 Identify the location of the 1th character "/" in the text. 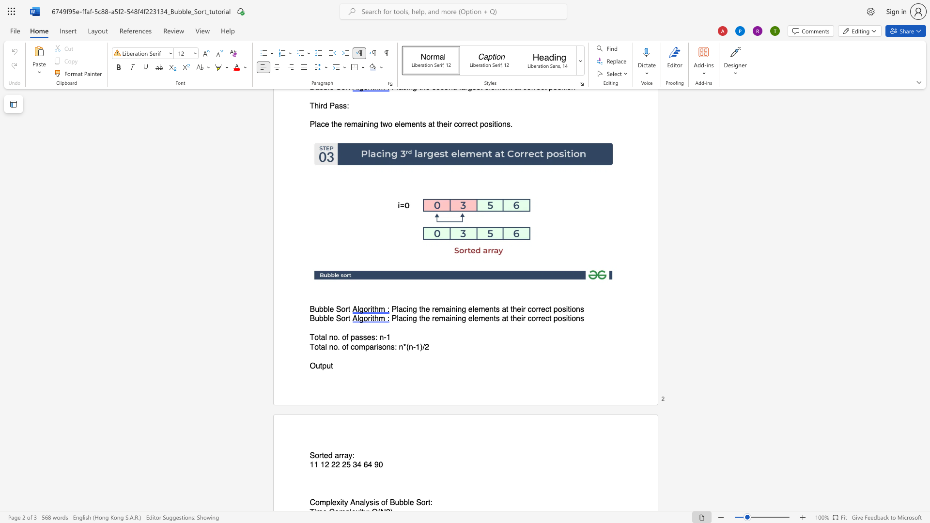
(423, 346).